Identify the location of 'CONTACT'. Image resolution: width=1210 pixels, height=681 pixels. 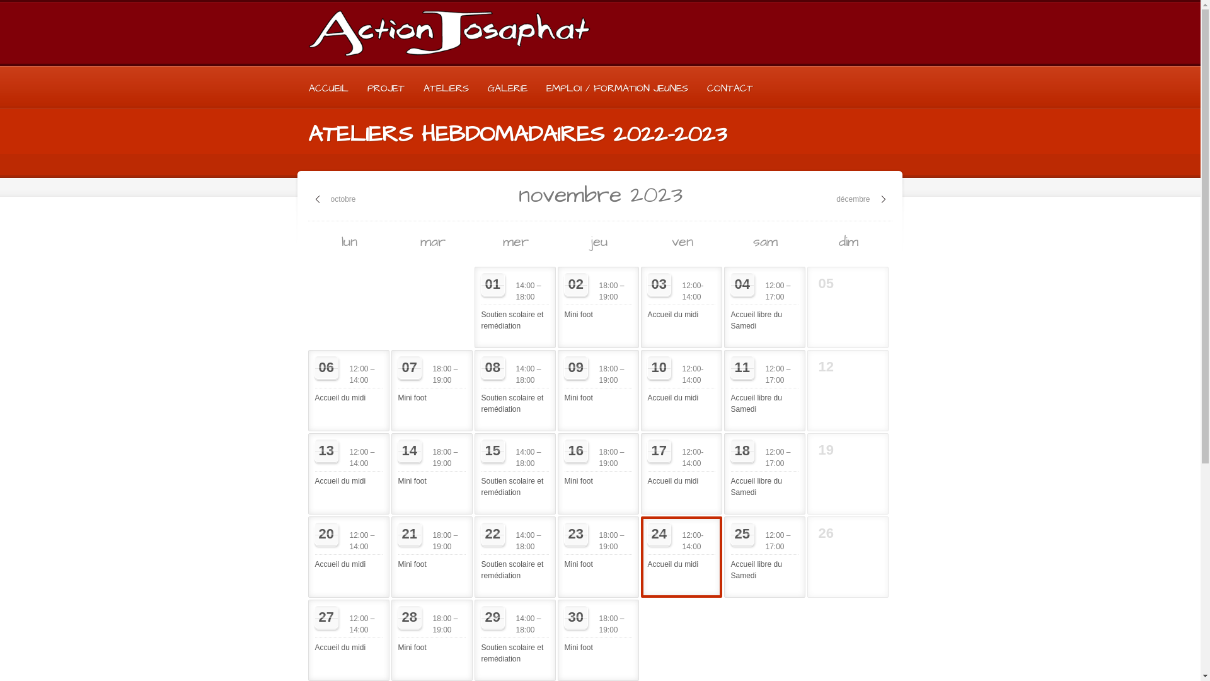
(729, 87).